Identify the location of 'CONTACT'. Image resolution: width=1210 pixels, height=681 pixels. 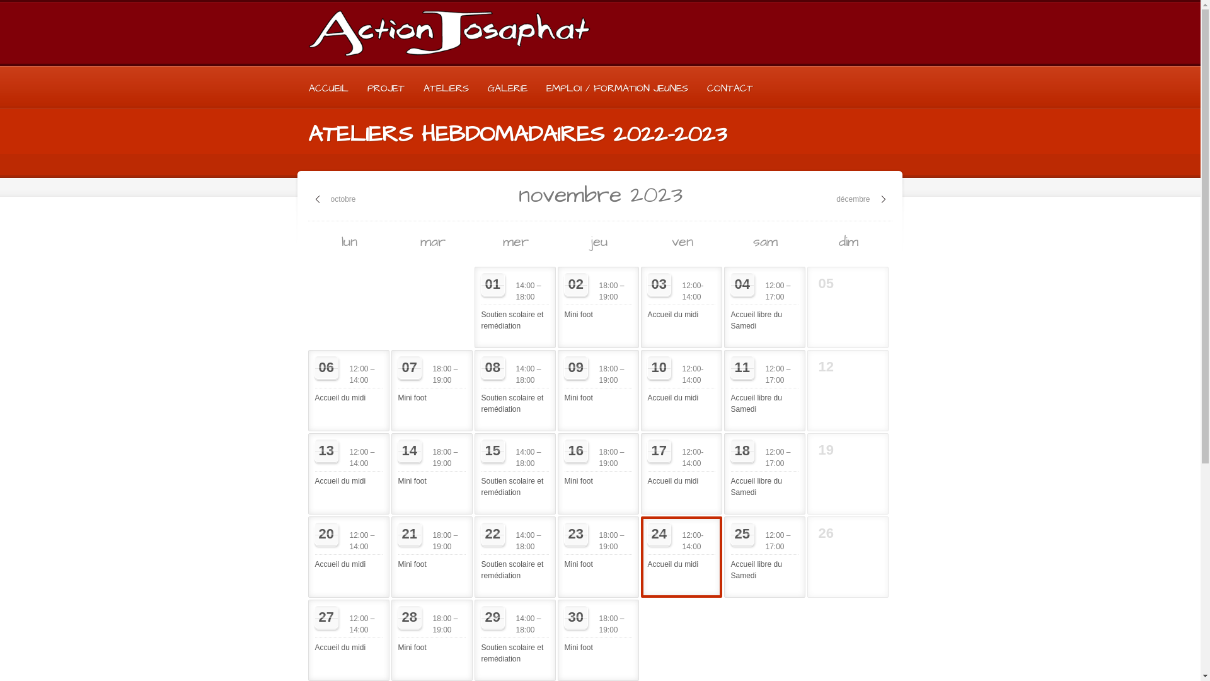
(729, 87).